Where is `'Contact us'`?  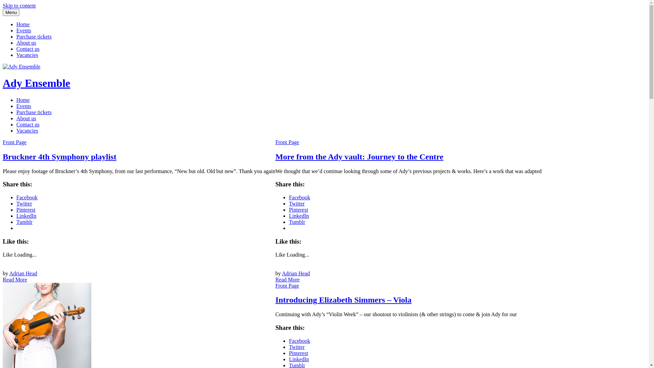 'Contact us' is located at coordinates (16, 124).